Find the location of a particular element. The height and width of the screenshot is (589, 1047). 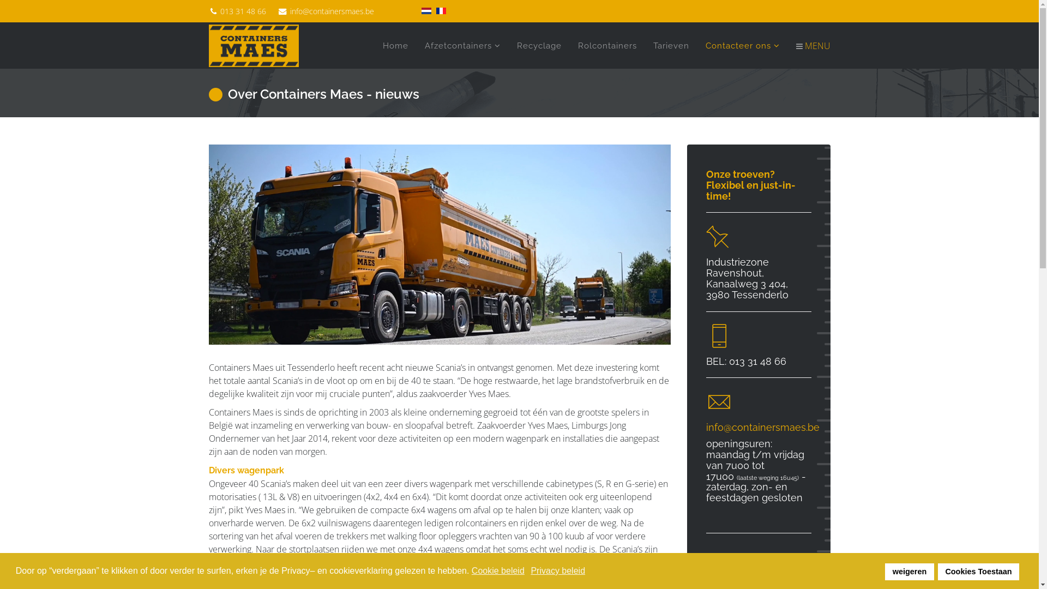

'Tarieven' is located at coordinates (670, 45).